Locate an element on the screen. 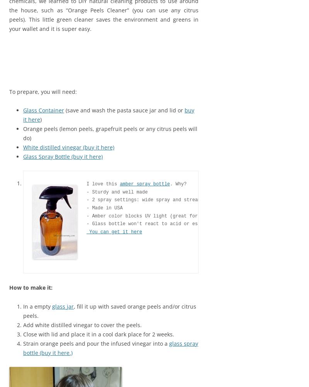  'Glass Spray Bottle (buy it here)' is located at coordinates (23, 156).